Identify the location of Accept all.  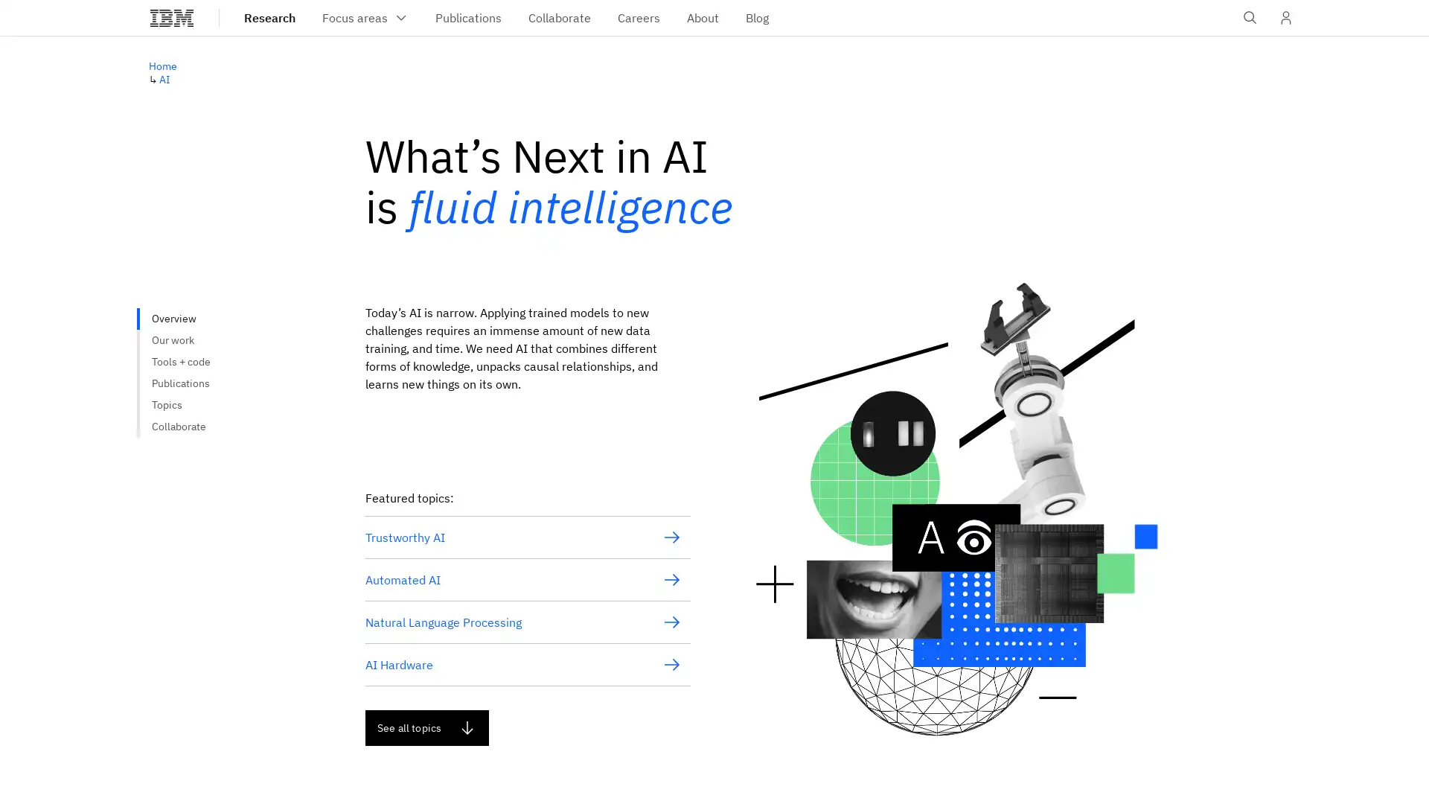
(1308, 701).